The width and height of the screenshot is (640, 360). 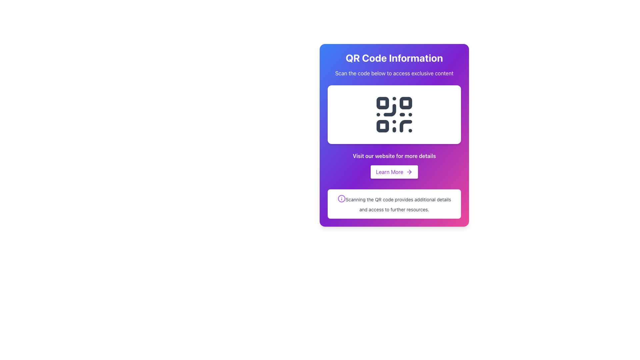 What do you see at coordinates (341, 198) in the screenshot?
I see `the circular element outlined with a purple stroke, located in the bottom segment of the QR code information panel, to the left of the text starting with 'Scanning the QR code...'` at bounding box center [341, 198].